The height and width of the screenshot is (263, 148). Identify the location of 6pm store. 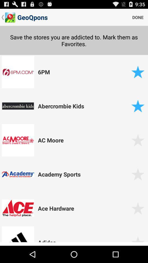
(138, 72).